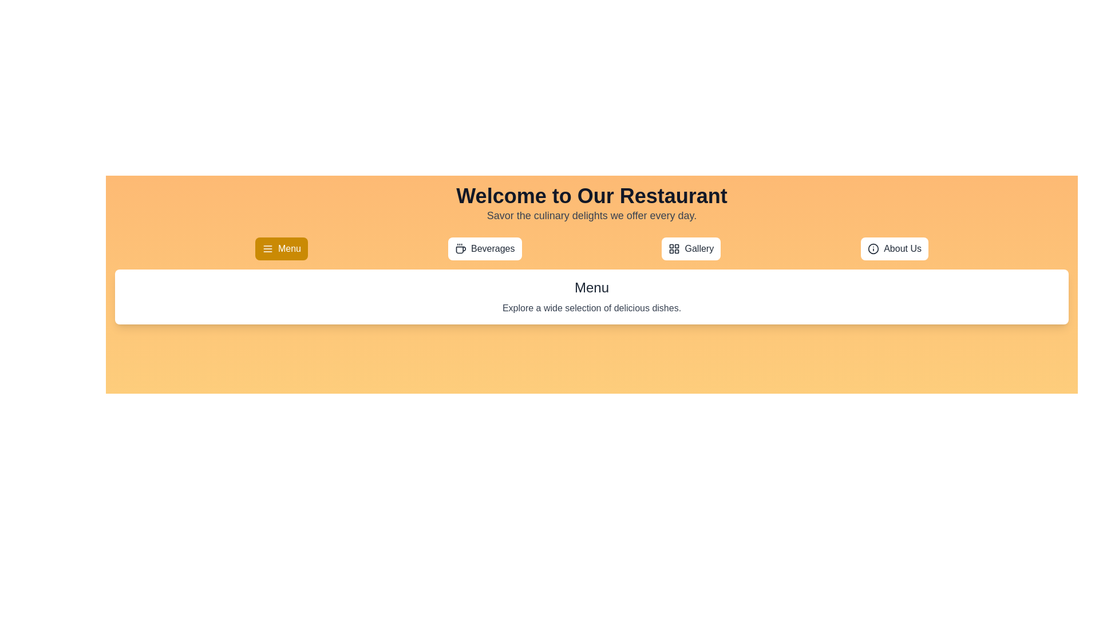 This screenshot has height=618, width=1099. I want to click on the tab labeled Menu to observe its hover effect, so click(281, 248).